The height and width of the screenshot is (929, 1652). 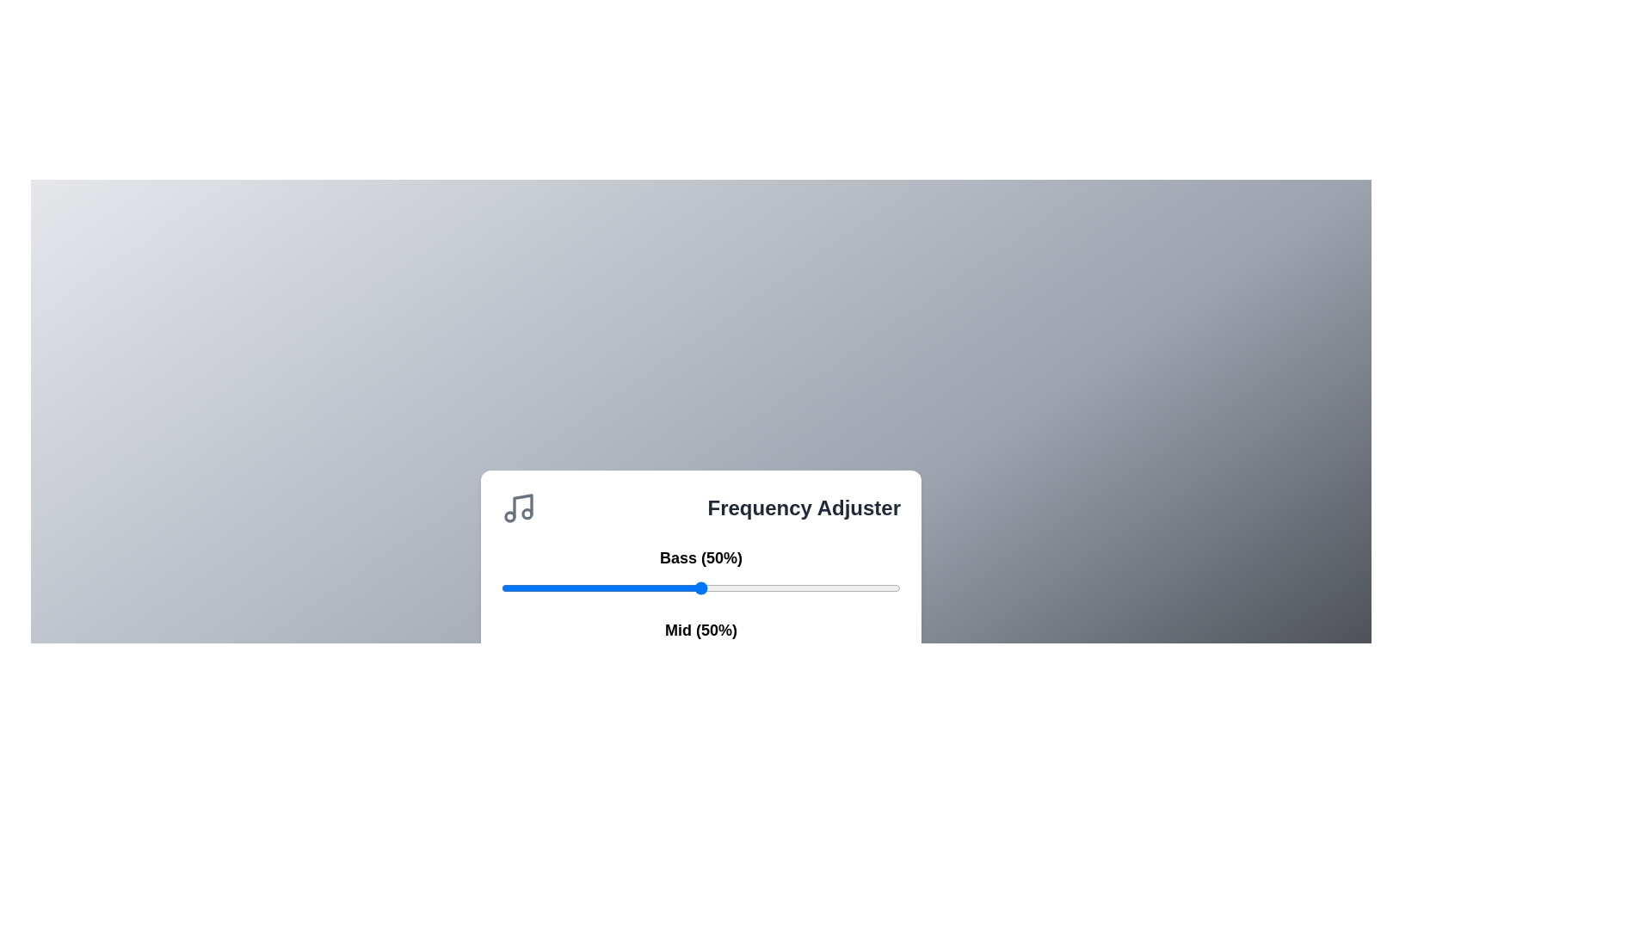 What do you see at coordinates (908, 587) in the screenshot?
I see `the 0 slider to 52%` at bounding box center [908, 587].